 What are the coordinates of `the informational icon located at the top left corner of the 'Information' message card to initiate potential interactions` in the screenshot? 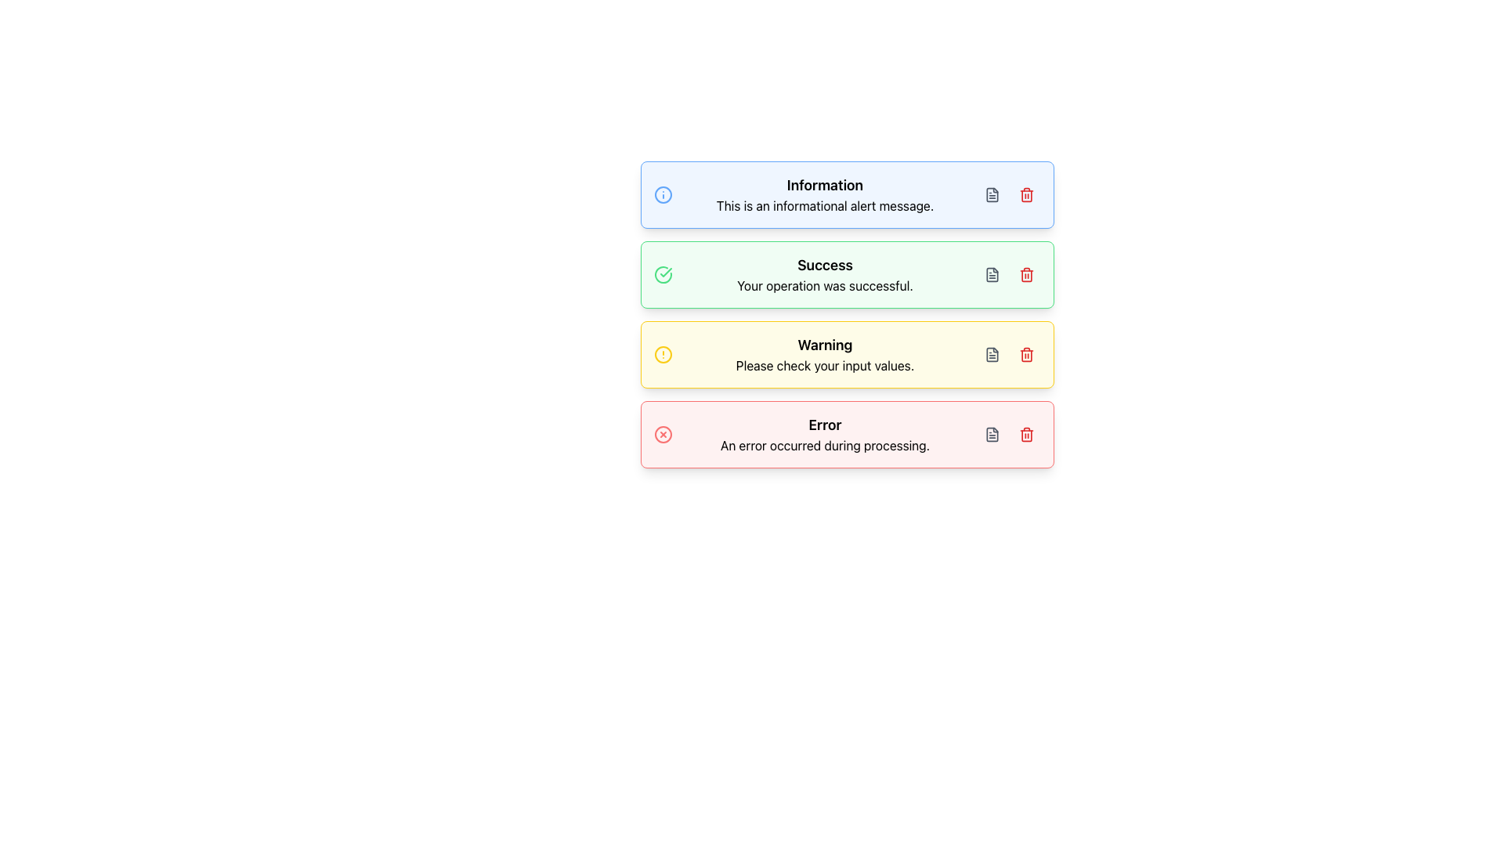 It's located at (663, 194).